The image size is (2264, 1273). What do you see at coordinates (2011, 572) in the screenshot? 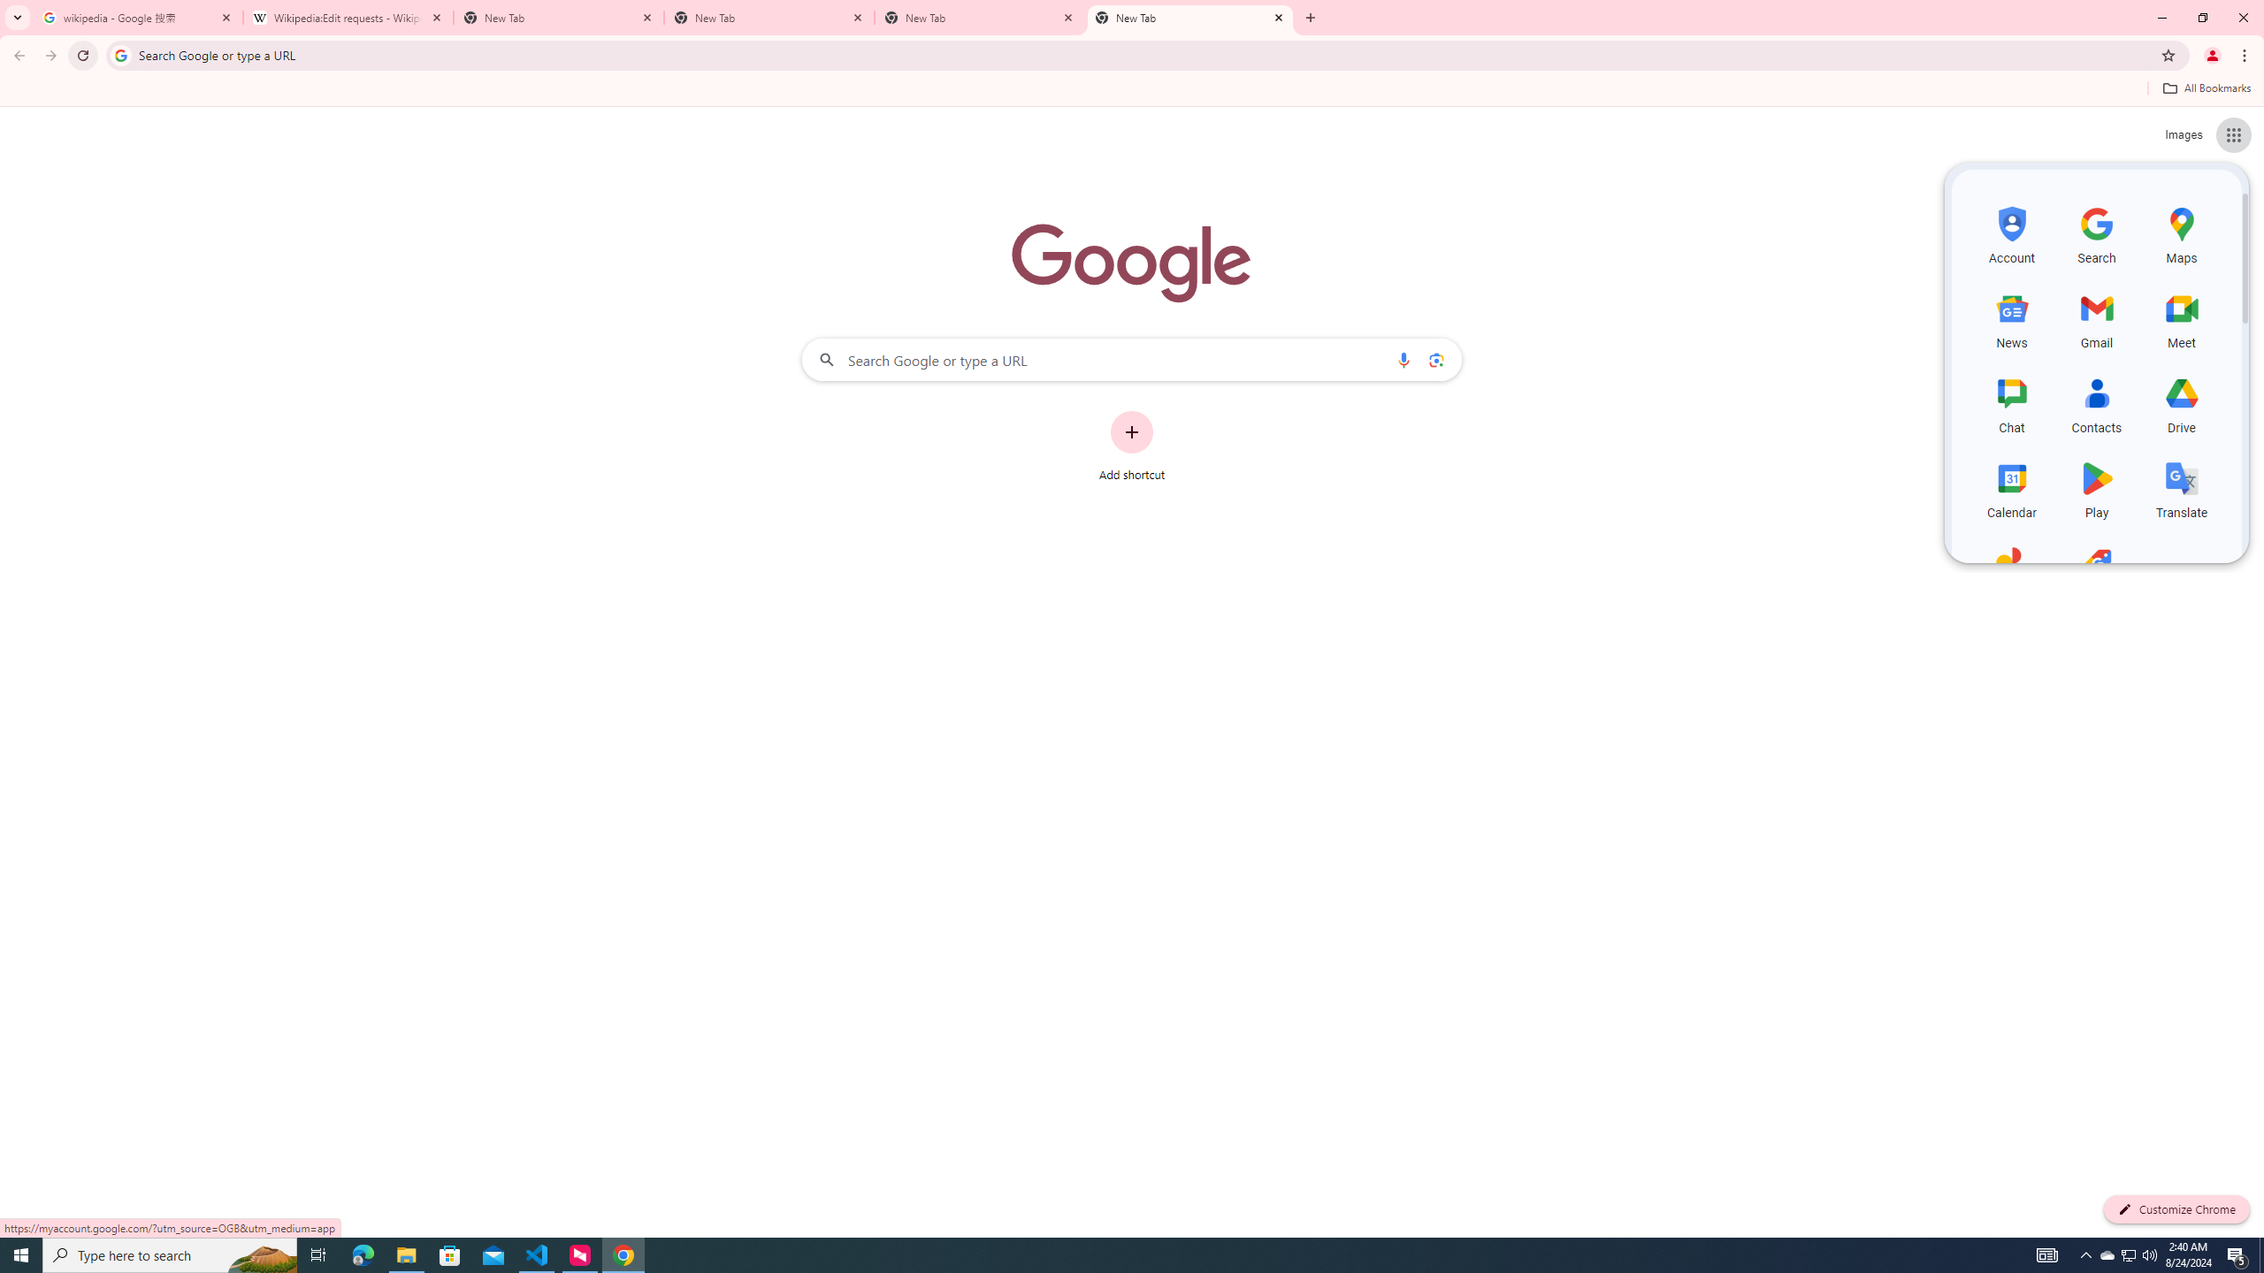
I see `'Photos, row 5 of 5 and column 1 of 3 in the first section'` at bounding box center [2011, 572].